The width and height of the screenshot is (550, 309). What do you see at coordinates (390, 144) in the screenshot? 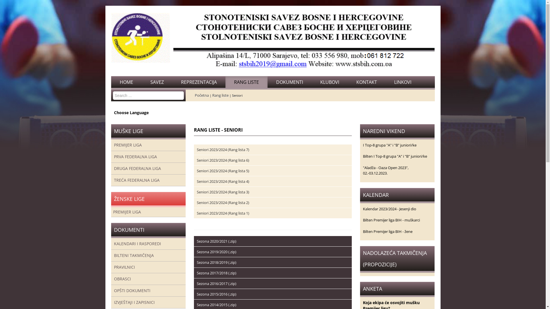
I see `'I Top-8 grupa "A" i "B" juniori/ke'` at bounding box center [390, 144].